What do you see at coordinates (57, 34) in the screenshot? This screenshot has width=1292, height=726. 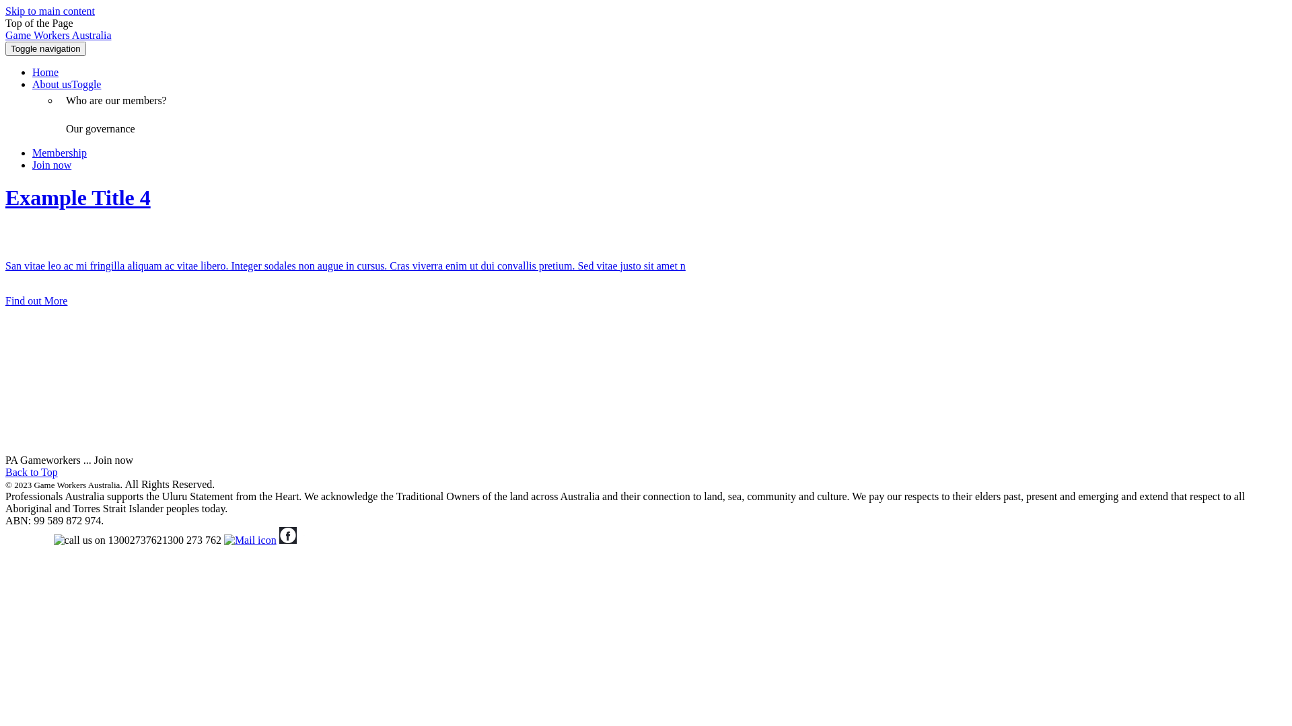 I see `'Game Workers Australia'` at bounding box center [57, 34].